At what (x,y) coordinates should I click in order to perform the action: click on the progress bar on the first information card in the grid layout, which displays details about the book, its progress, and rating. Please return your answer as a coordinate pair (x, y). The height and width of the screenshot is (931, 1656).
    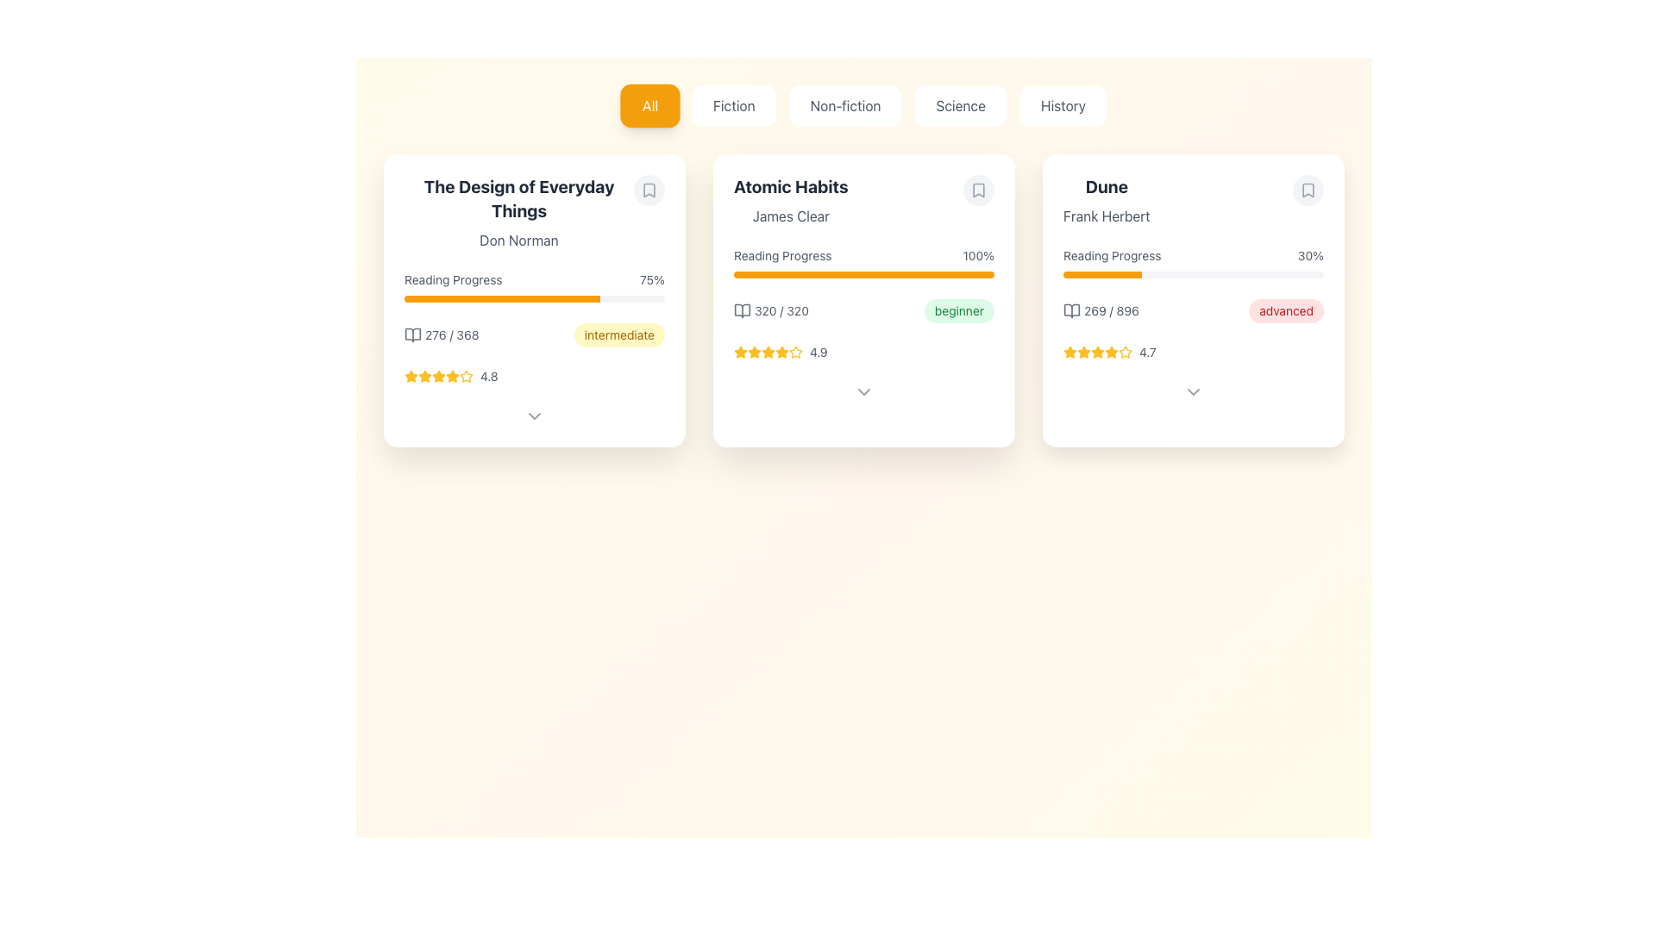
    Looking at the image, I should click on (533, 299).